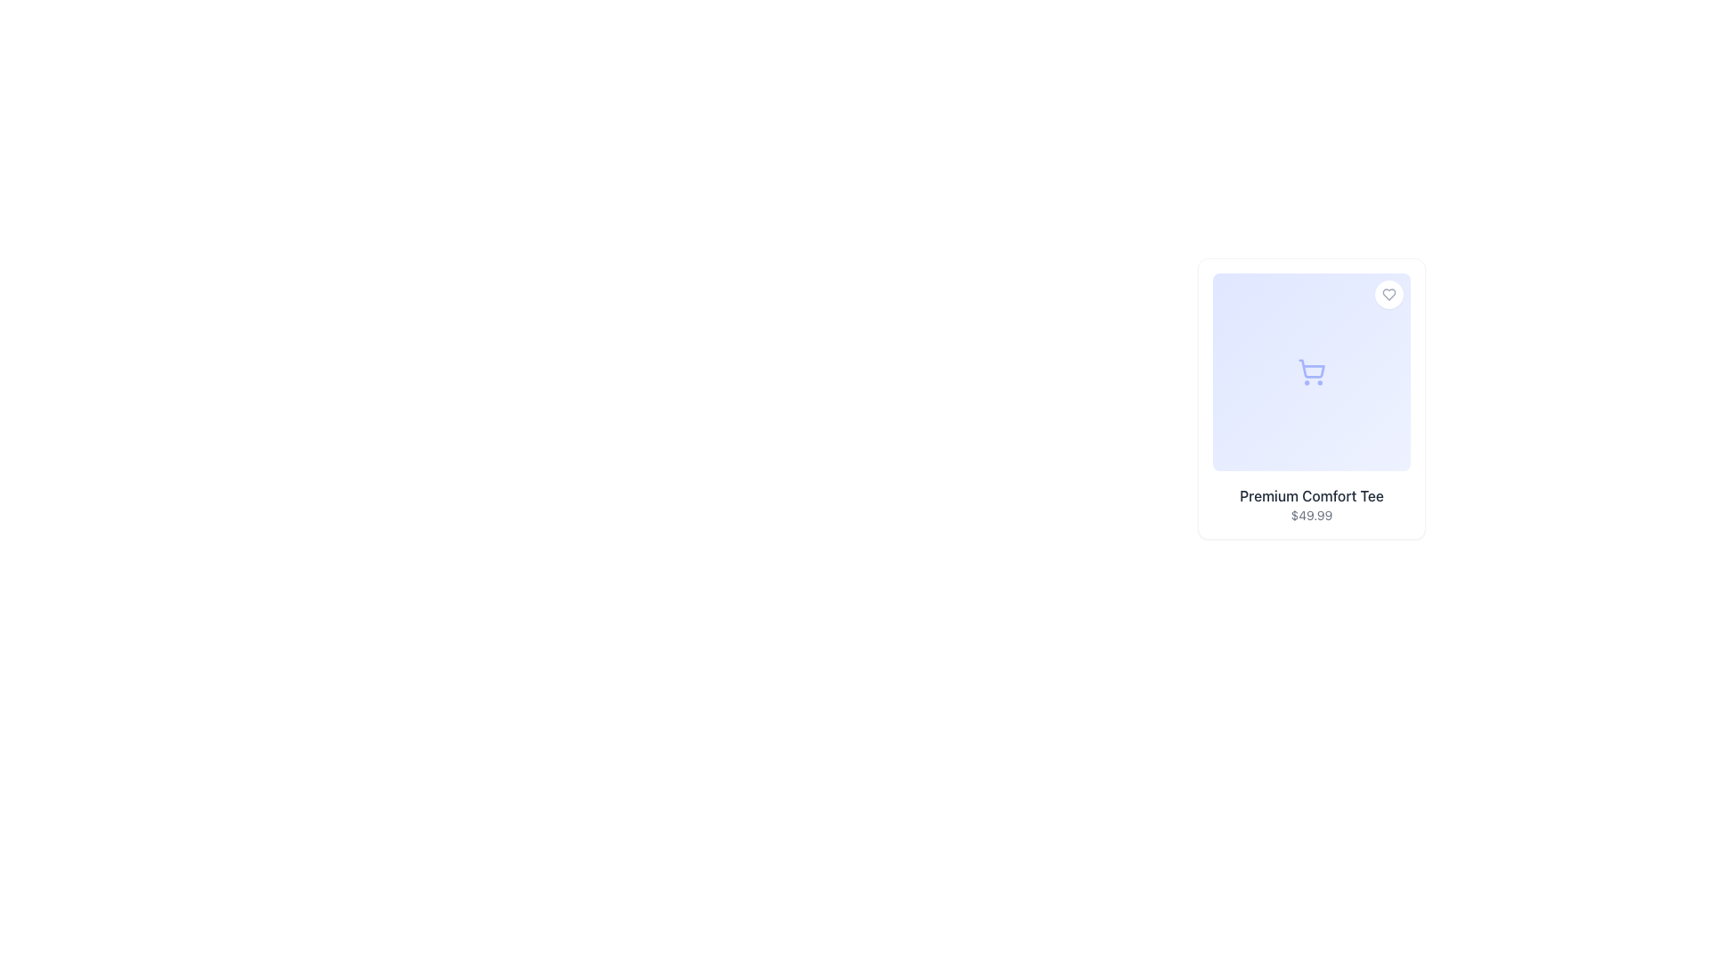 This screenshot has height=962, width=1710. What do you see at coordinates (1312, 368) in the screenshot?
I see `the bottom portion of the shopping cart icon, which is part of an SVG image and is located above the 'Premium Comfort Tee $49.99' text label` at bounding box center [1312, 368].